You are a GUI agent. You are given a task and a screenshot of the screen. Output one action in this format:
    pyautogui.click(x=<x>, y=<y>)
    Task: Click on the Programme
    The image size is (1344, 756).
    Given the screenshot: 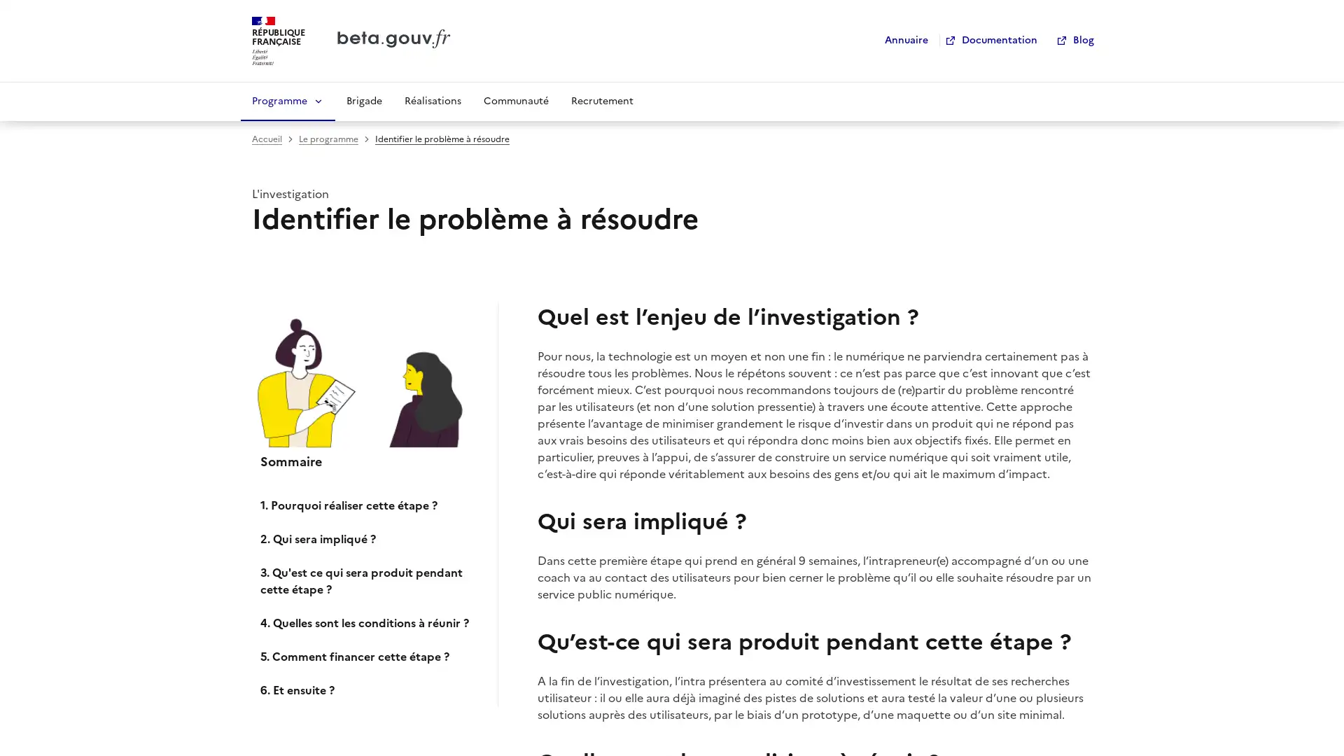 What is the action you would take?
    pyautogui.click(x=287, y=99)
    